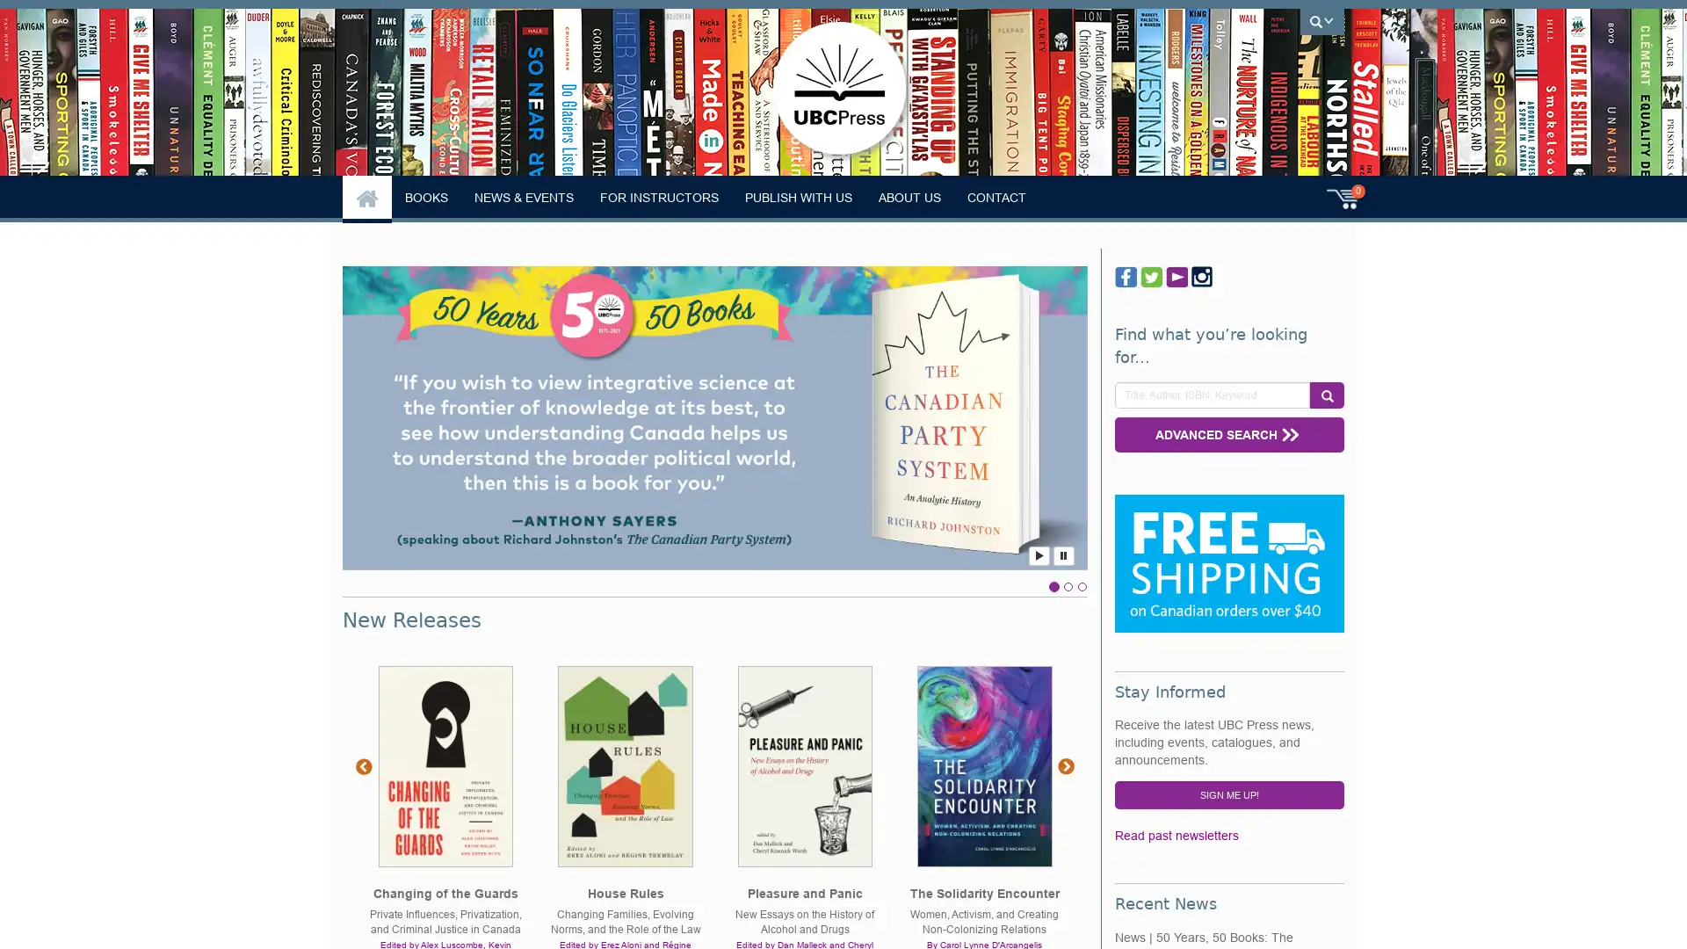 Image resolution: width=1687 pixels, height=949 pixels. Describe the element at coordinates (909, 197) in the screenshot. I see `ABOUT US` at that location.